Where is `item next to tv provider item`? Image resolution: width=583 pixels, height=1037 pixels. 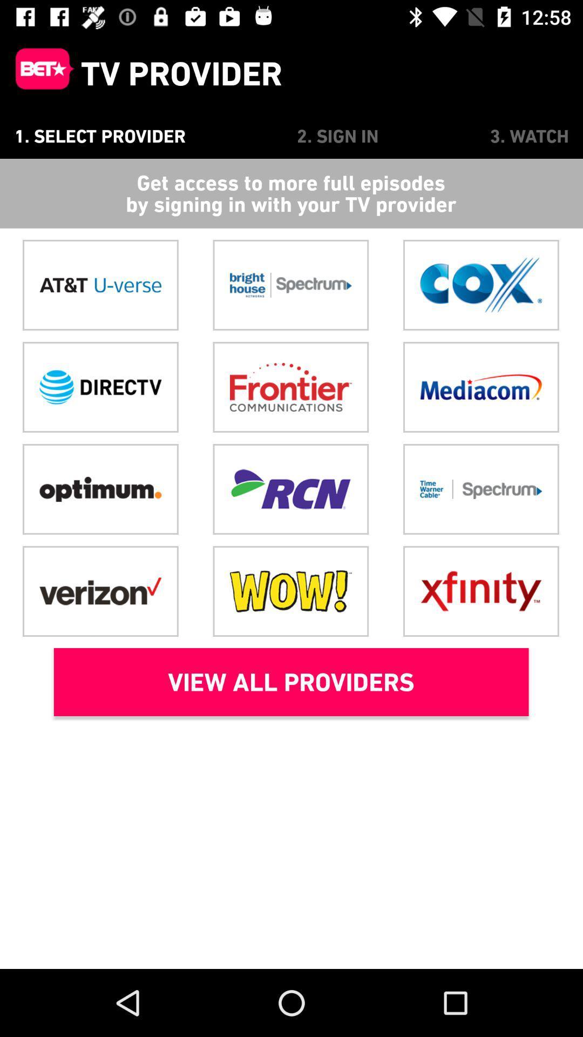
item next to tv provider item is located at coordinates (39, 73).